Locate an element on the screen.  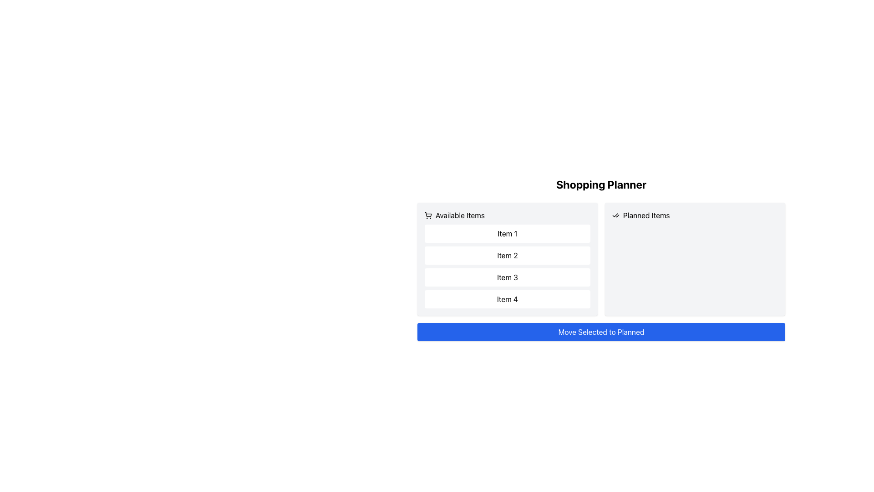
the first item labeled 'Item 1' in the selectable list is located at coordinates (507, 233).